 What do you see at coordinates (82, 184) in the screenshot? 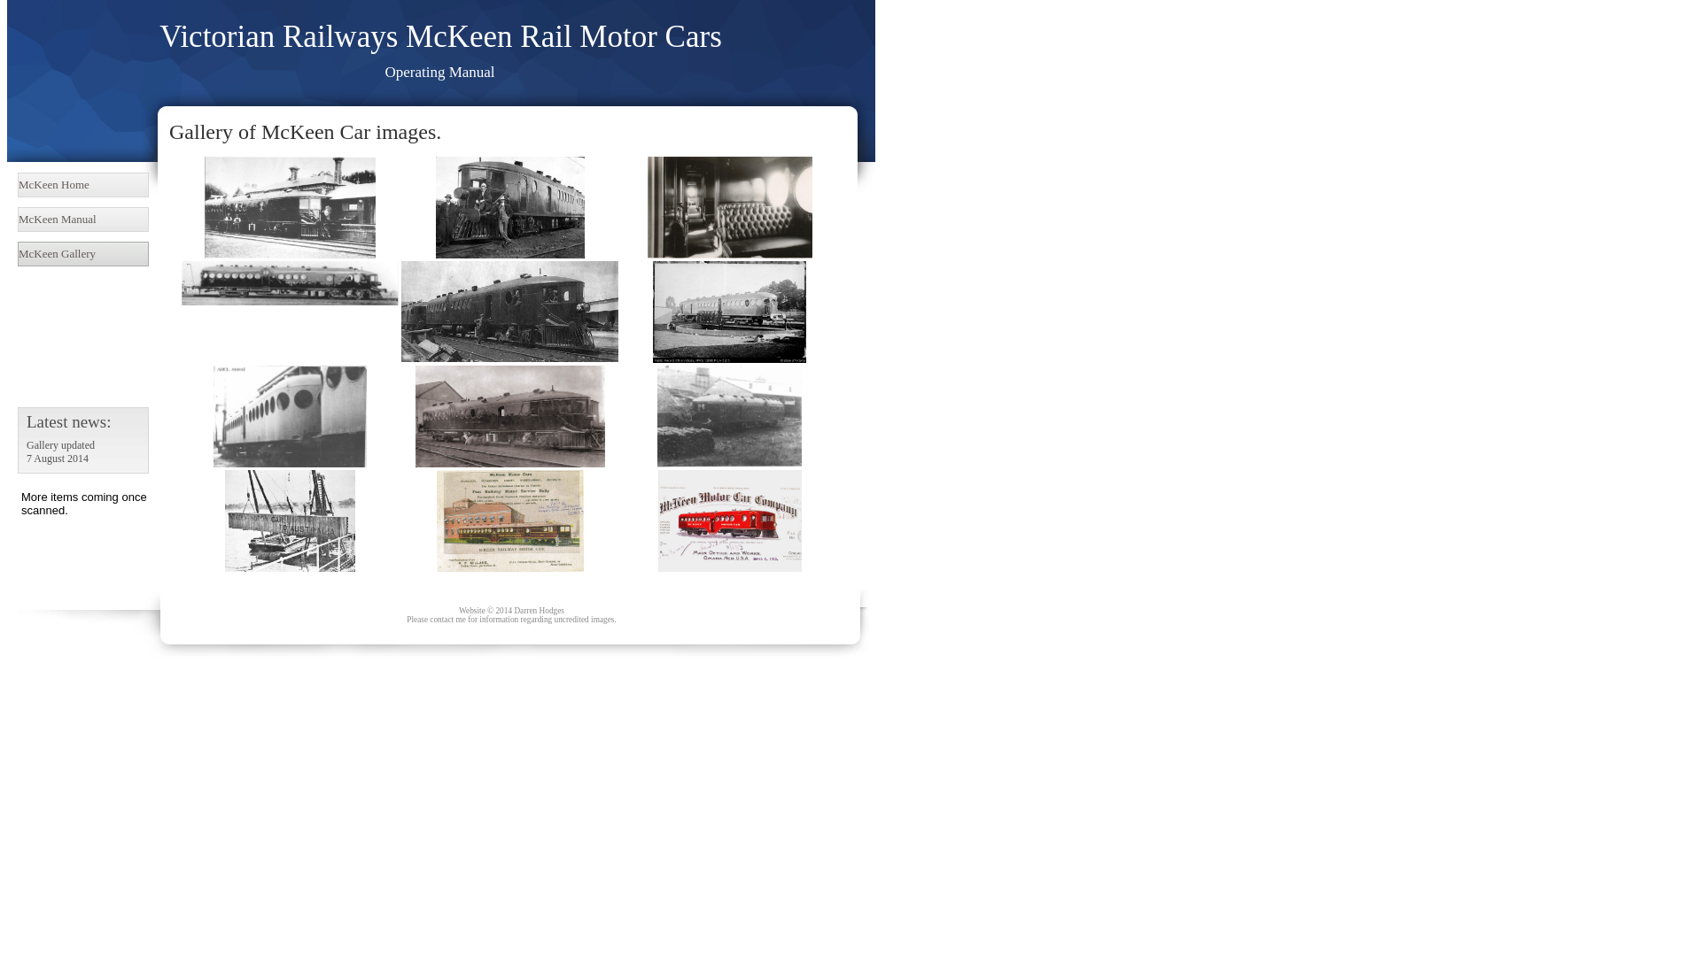
I see `'McKeen Home'` at bounding box center [82, 184].